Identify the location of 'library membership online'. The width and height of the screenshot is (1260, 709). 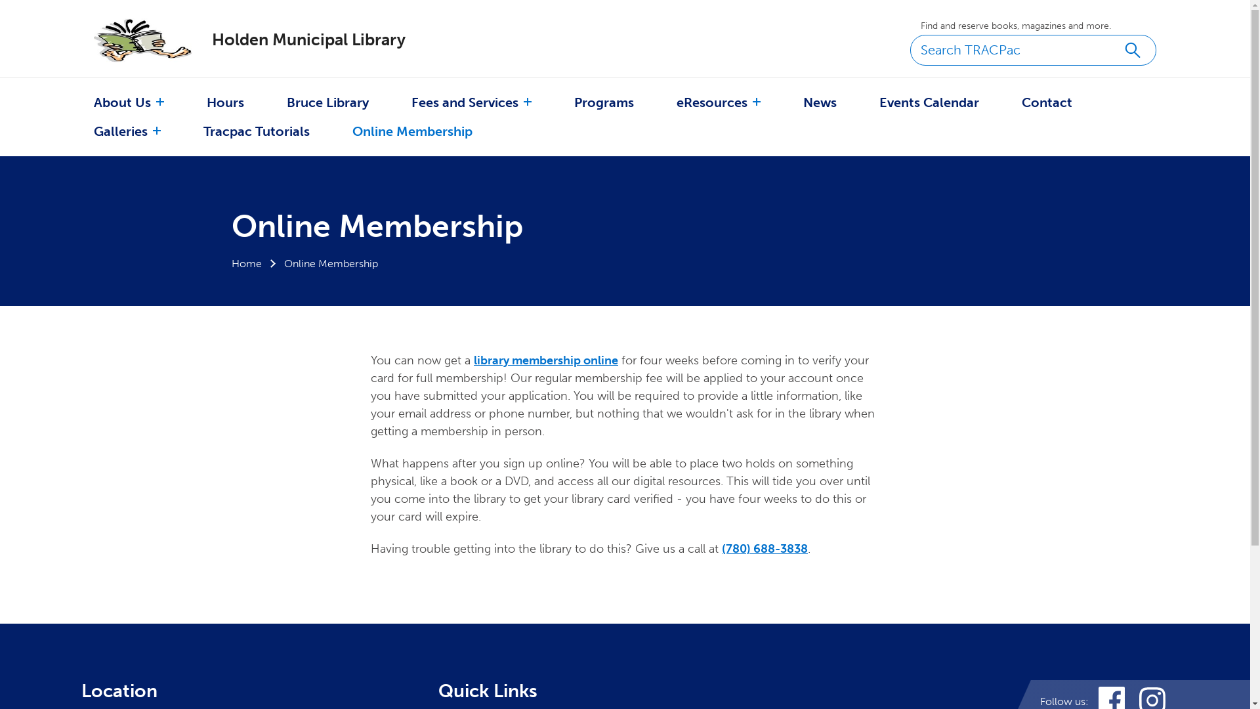
(545, 360).